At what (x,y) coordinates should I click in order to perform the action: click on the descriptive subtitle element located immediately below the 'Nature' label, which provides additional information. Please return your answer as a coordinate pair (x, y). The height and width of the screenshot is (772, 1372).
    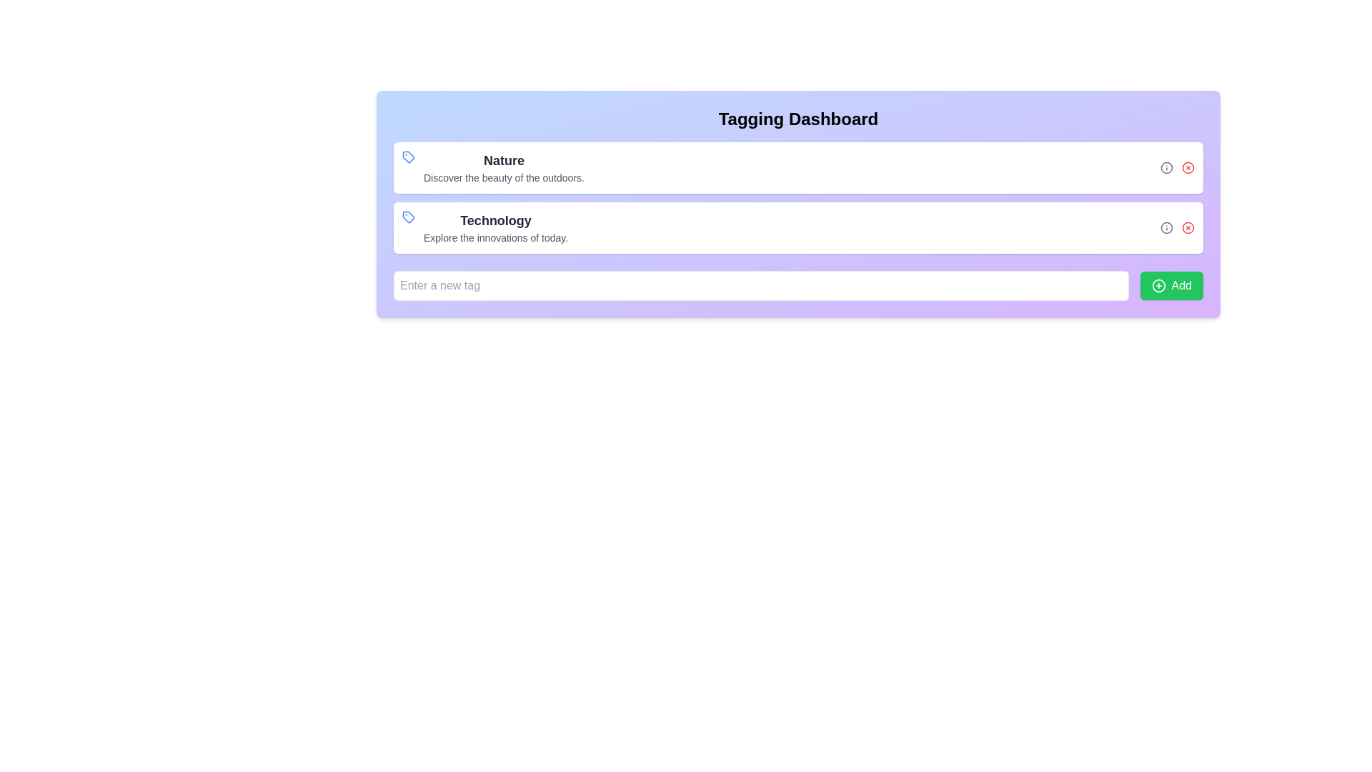
    Looking at the image, I should click on (504, 177).